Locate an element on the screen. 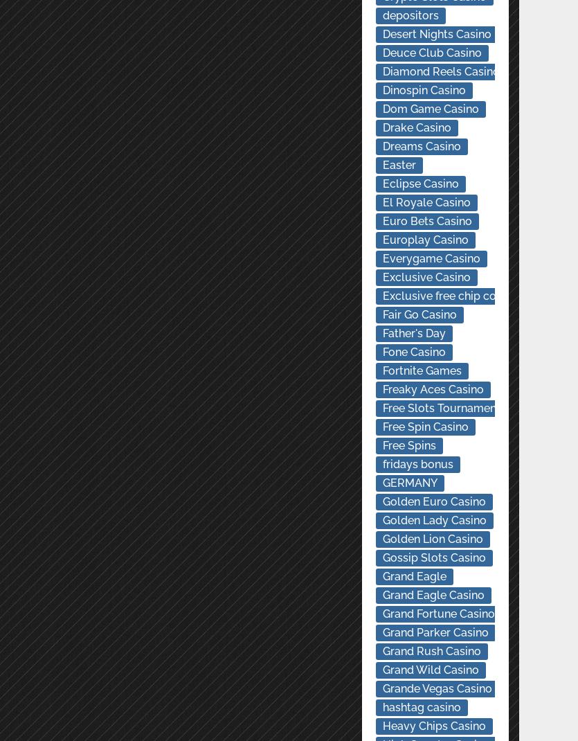 This screenshot has width=578, height=741. 'Grand Rush Casino' is located at coordinates (430, 650).